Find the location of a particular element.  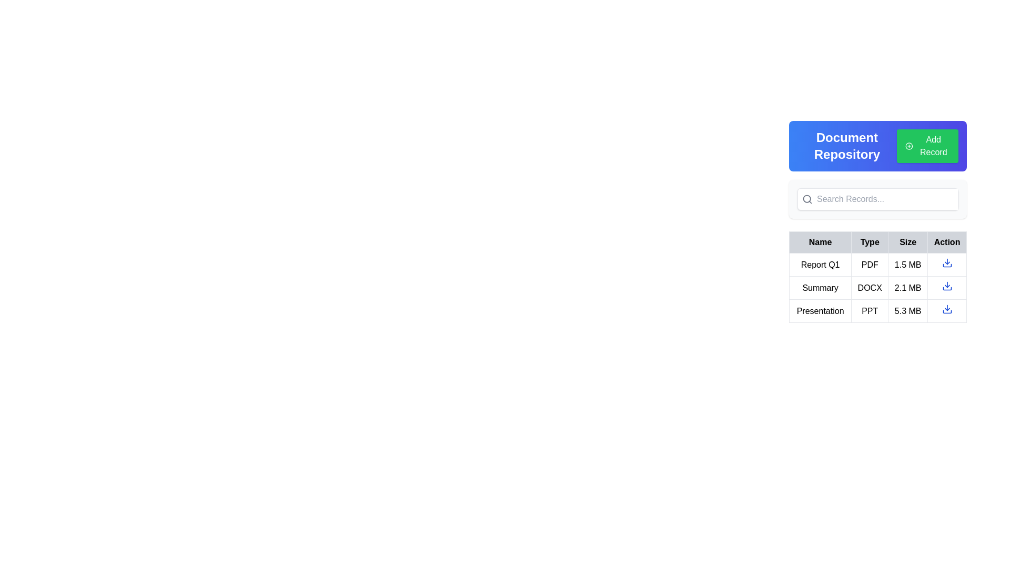

the circular element of the search icon, which visually represents a magnifying glass is located at coordinates (806, 199).